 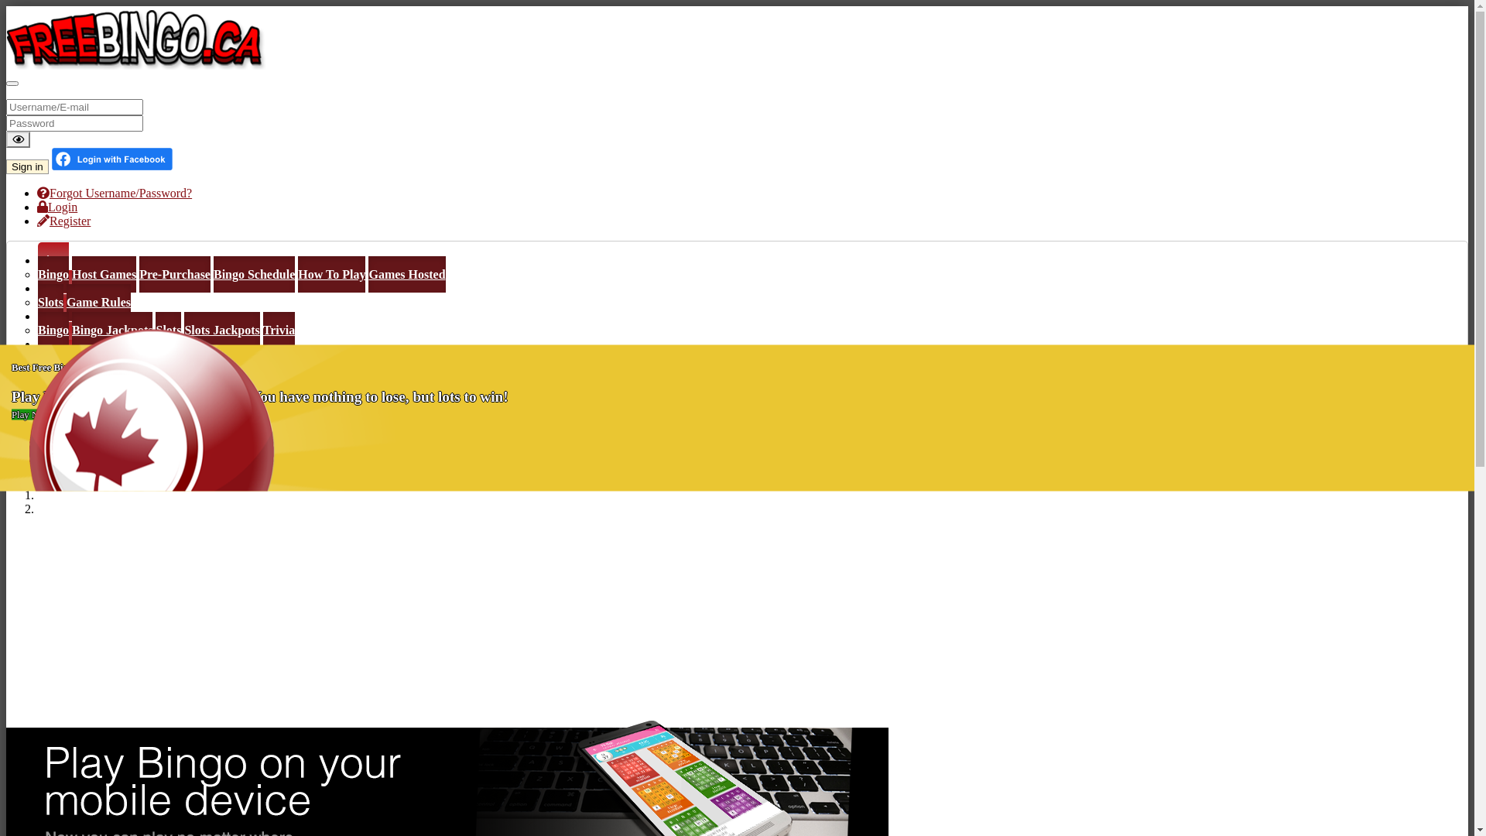 I want to click on 'Game Rules', so click(x=98, y=302).